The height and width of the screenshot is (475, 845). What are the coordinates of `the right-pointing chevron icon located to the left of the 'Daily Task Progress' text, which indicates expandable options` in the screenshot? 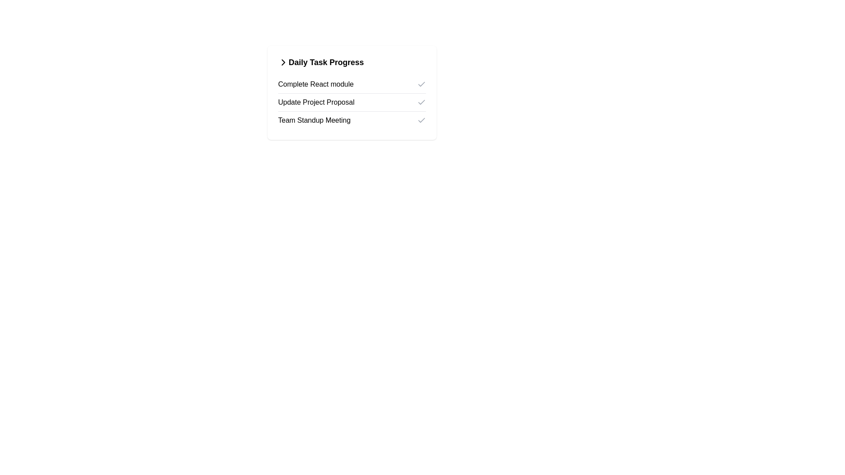 It's located at (283, 62).